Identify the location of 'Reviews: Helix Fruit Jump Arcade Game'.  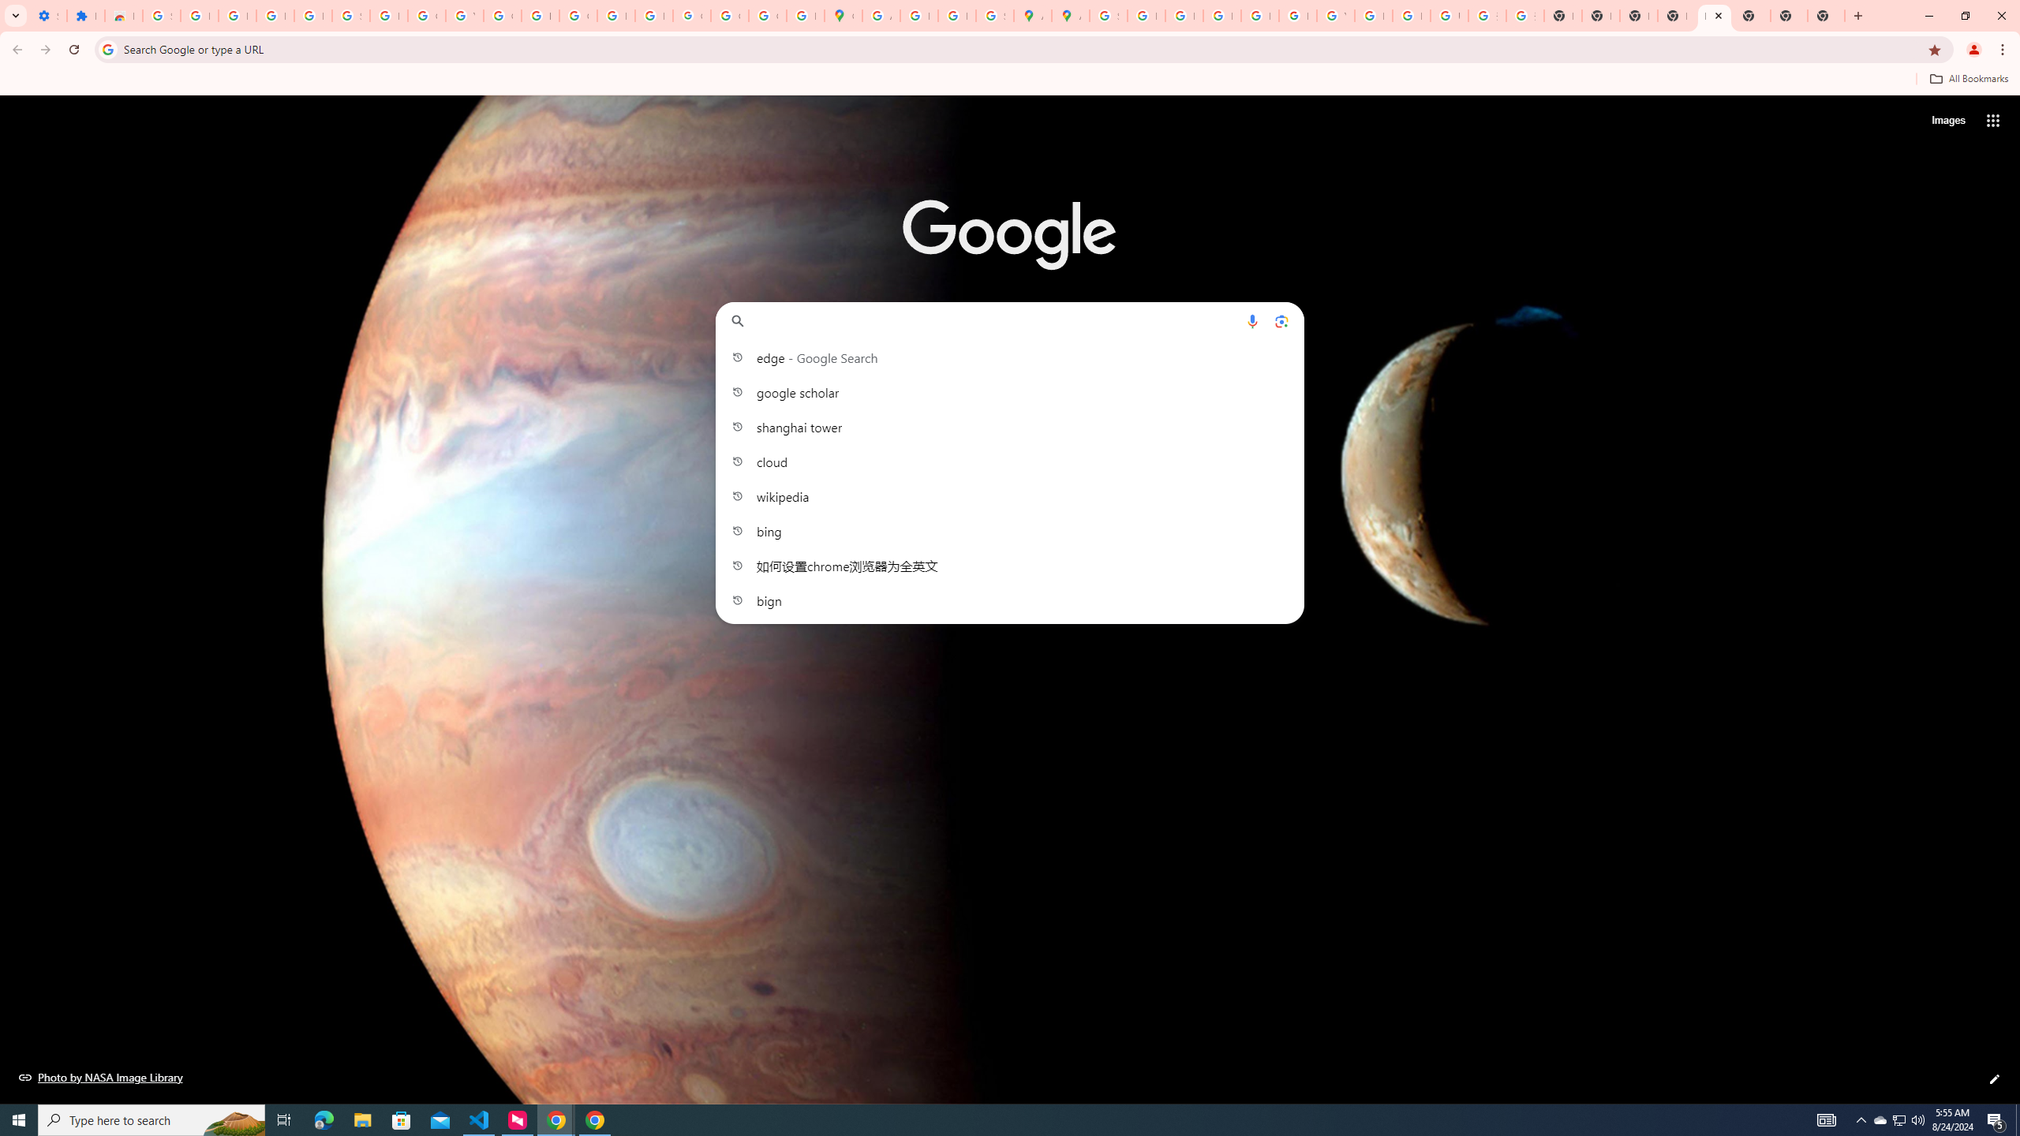
(122, 15).